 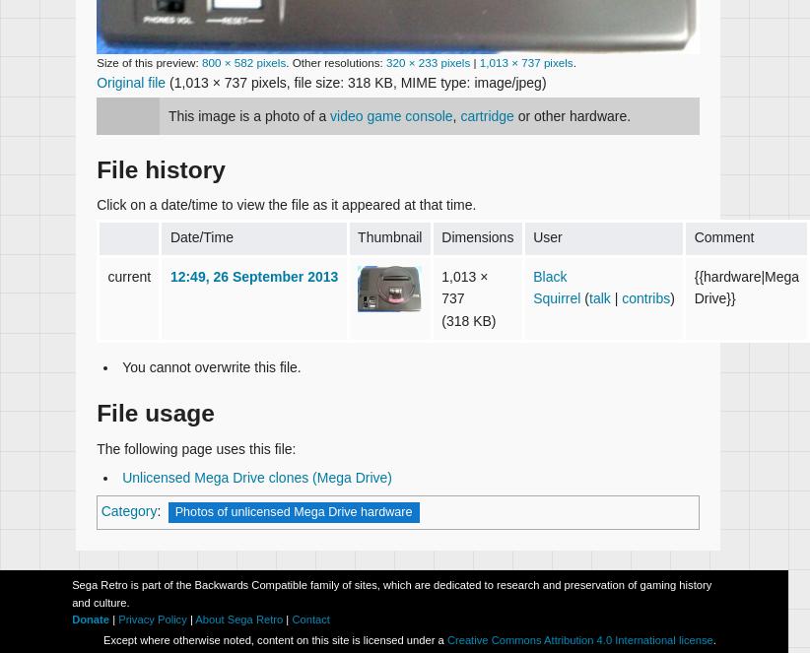 What do you see at coordinates (723, 237) in the screenshot?
I see `'Comment'` at bounding box center [723, 237].